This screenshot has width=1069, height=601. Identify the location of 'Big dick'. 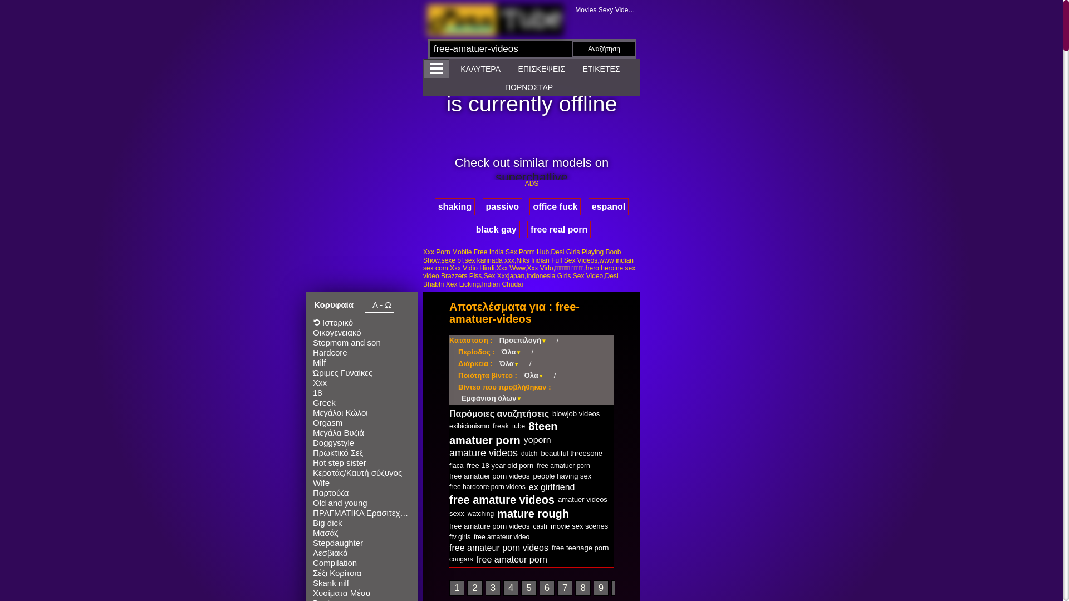
(361, 523).